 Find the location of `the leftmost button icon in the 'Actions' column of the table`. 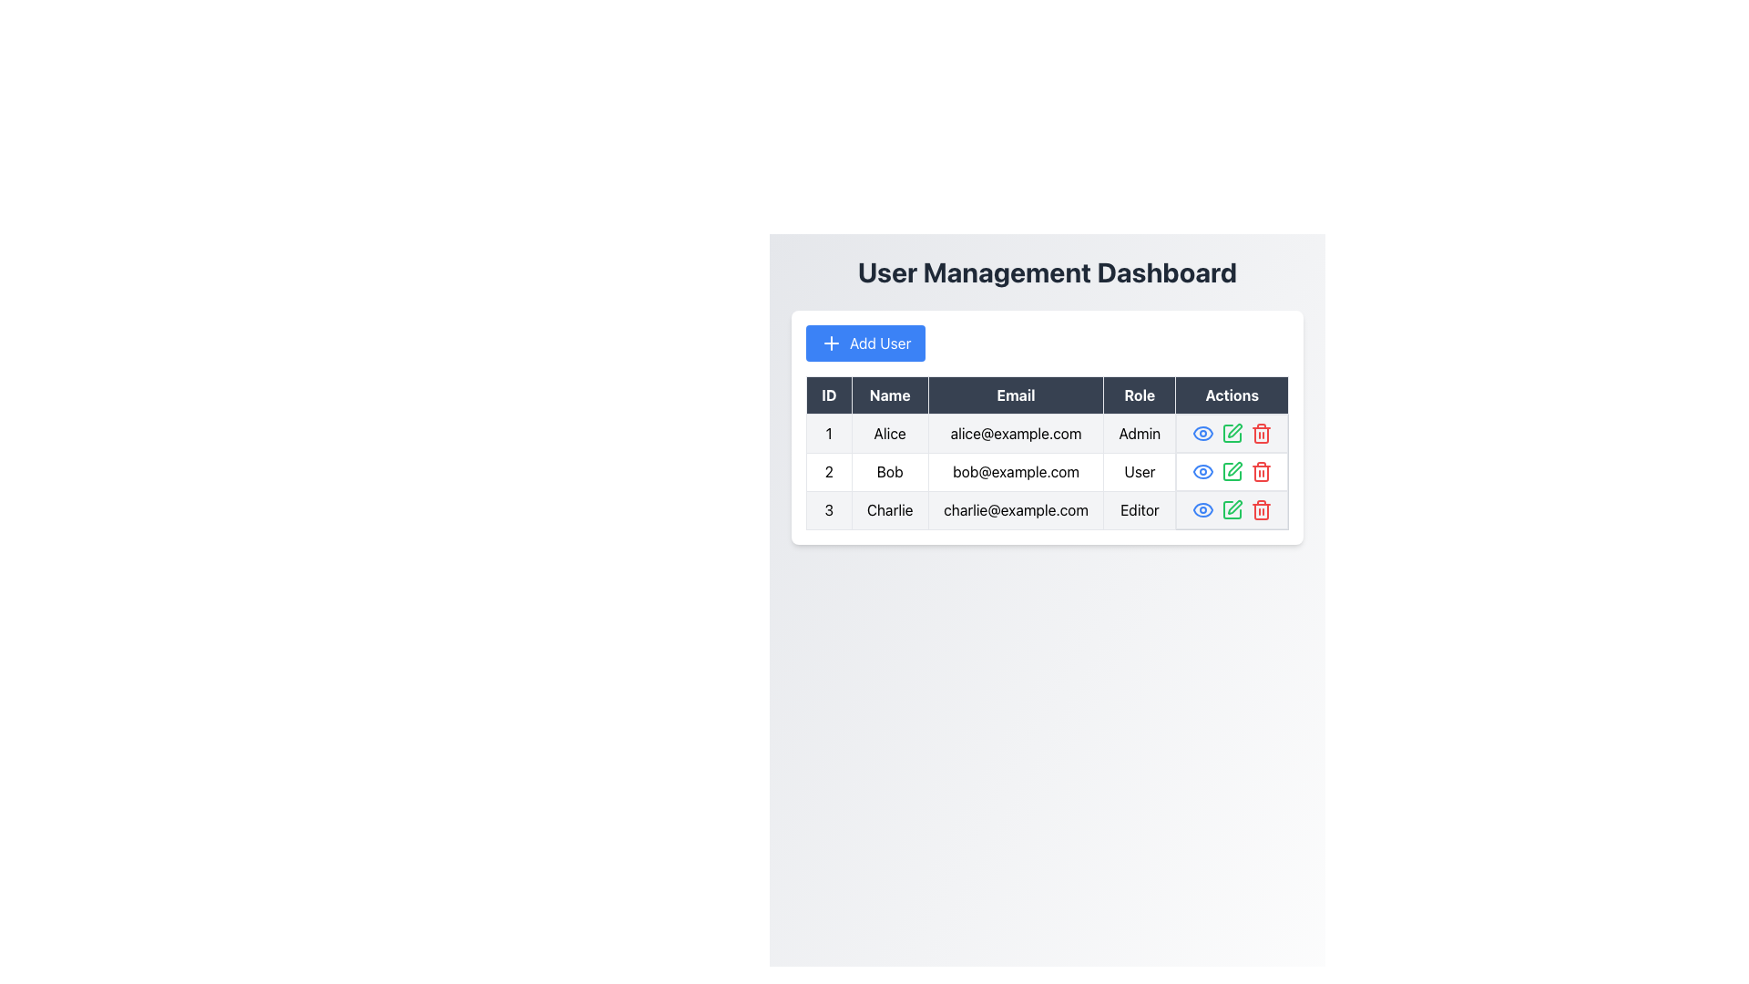

the leftmost button icon in the 'Actions' column of the table is located at coordinates (1202, 433).